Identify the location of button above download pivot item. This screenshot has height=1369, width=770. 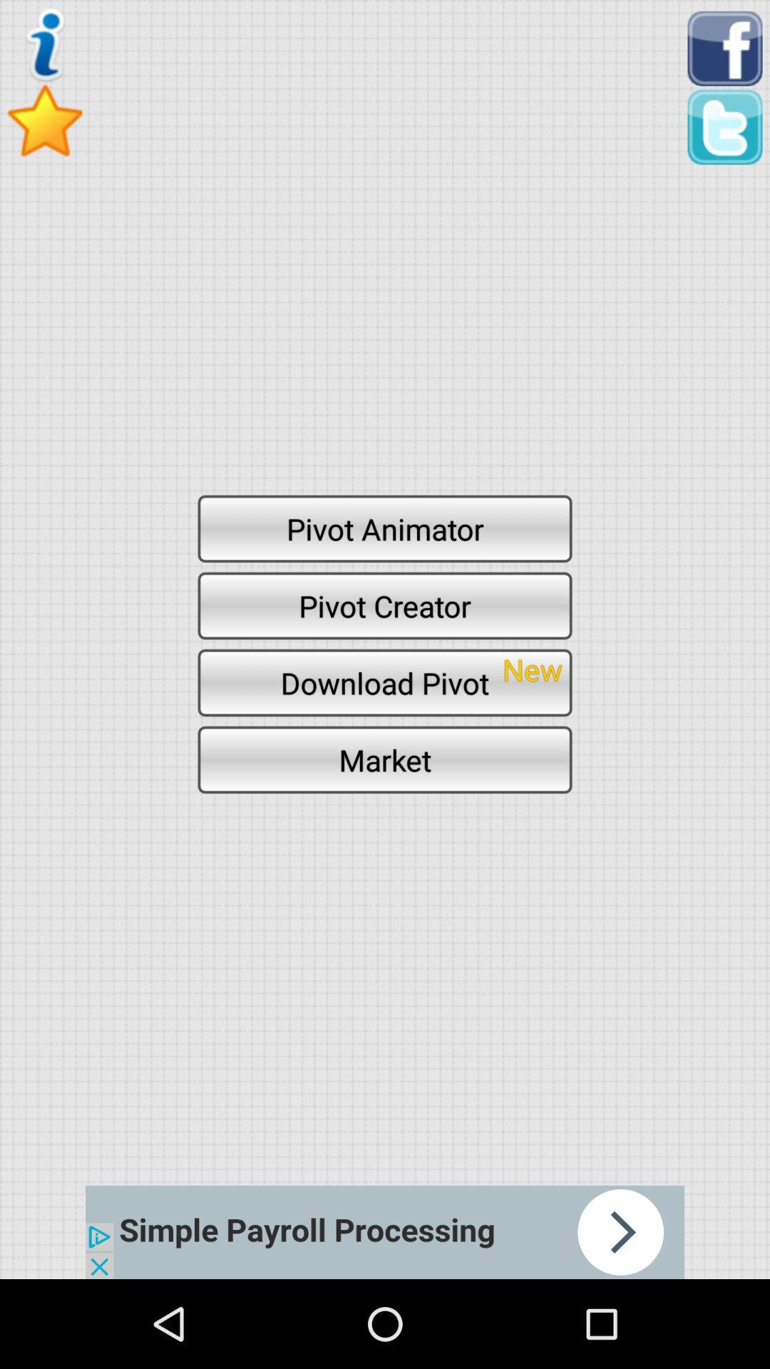
(385, 605).